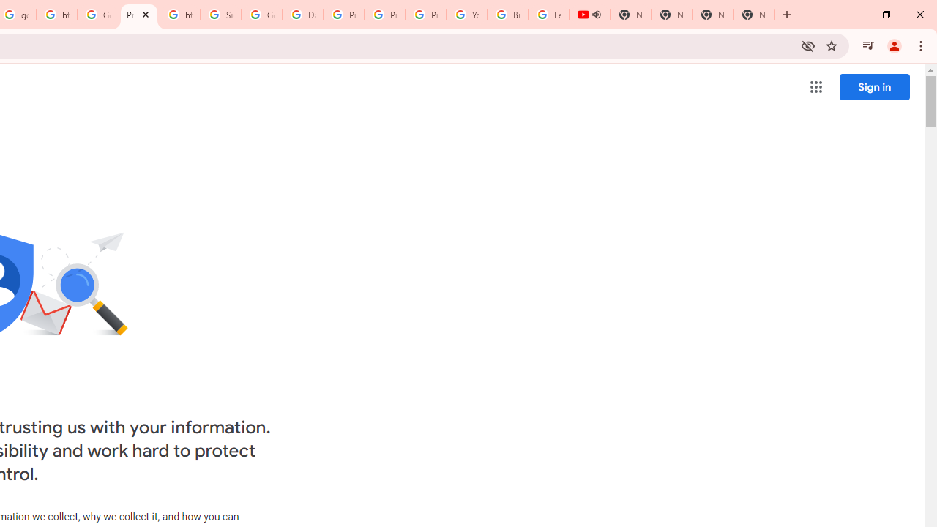  What do you see at coordinates (57, 15) in the screenshot?
I see `'https://scholar.google.com/'` at bounding box center [57, 15].